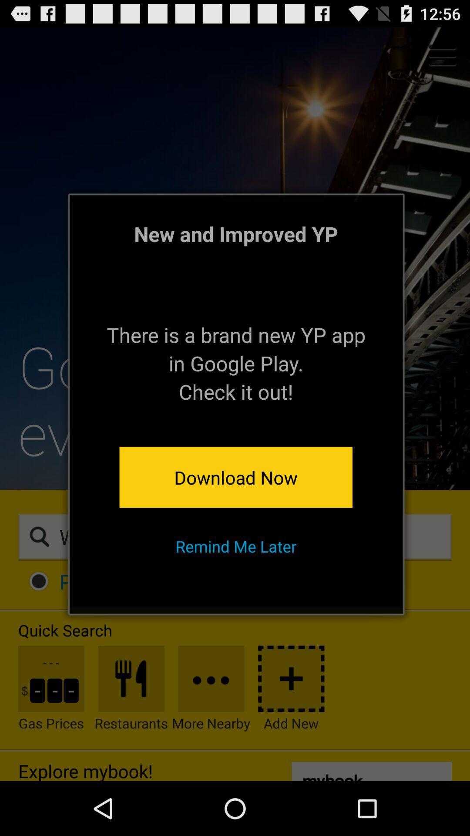  I want to click on the remind me later item, so click(236, 546).